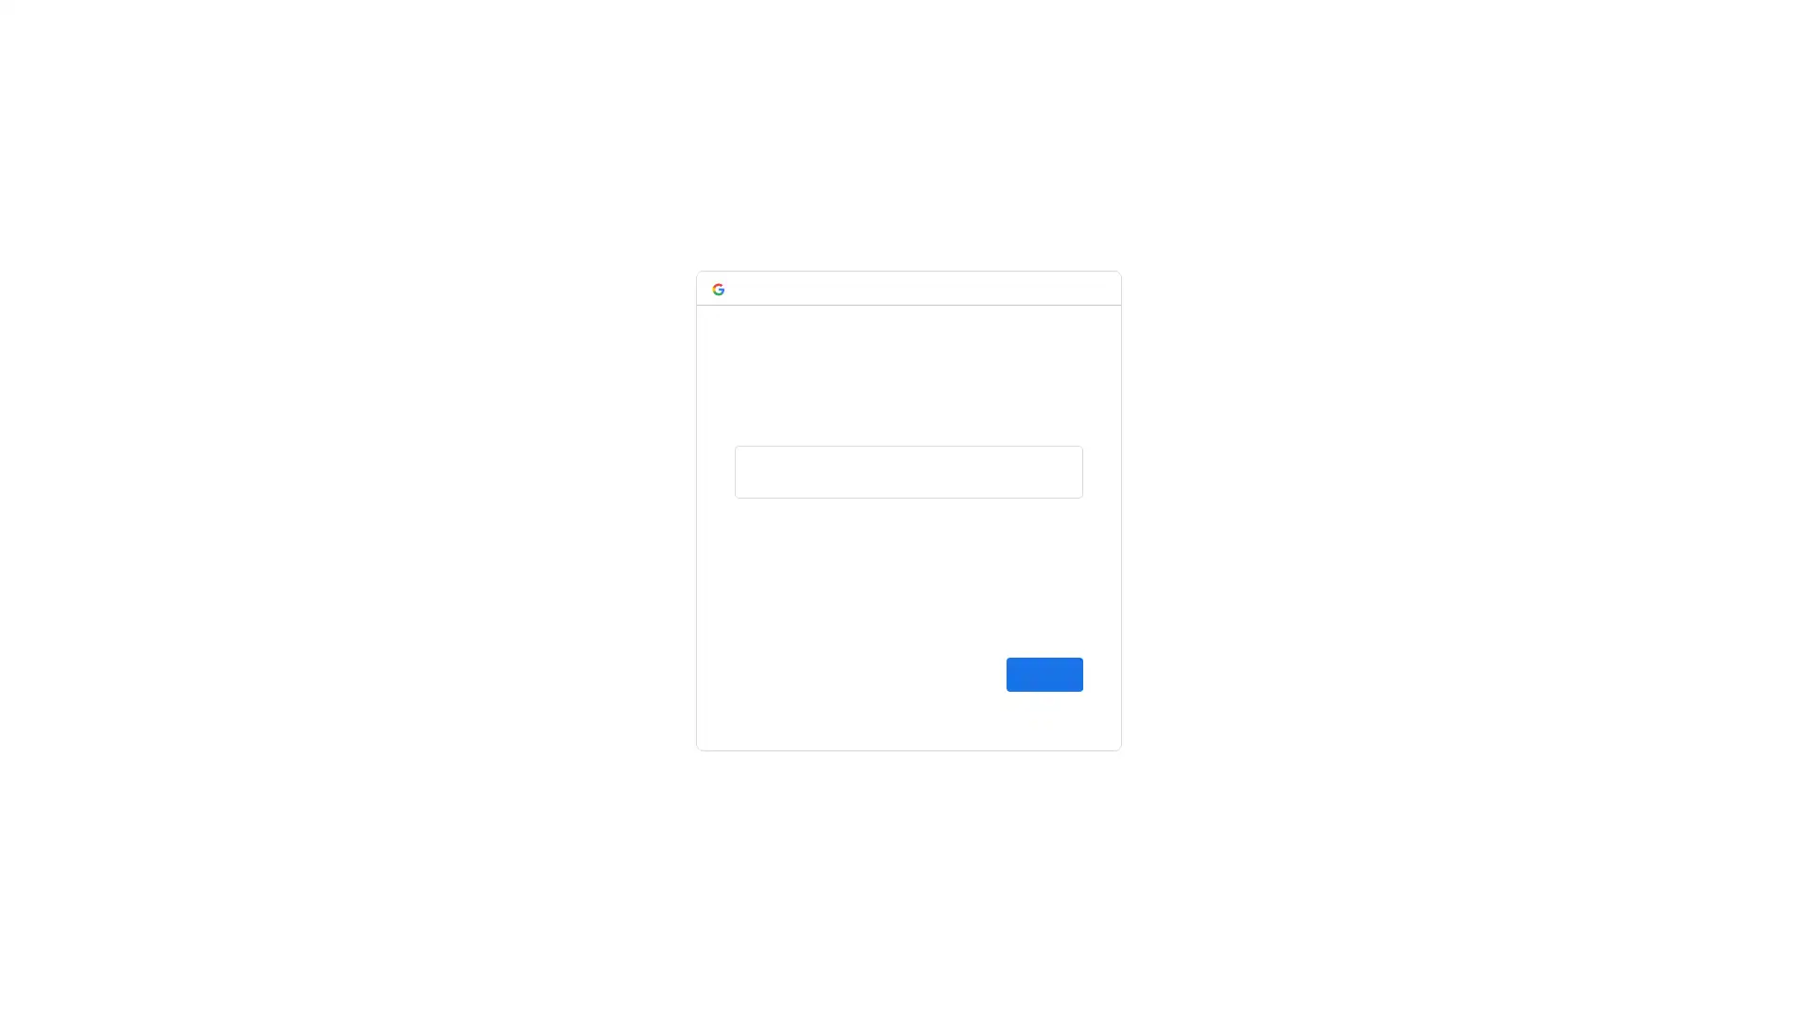  What do you see at coordinates (1044, 674) in the screenshot?
I see `Next` at bounding box center [1044, 674].